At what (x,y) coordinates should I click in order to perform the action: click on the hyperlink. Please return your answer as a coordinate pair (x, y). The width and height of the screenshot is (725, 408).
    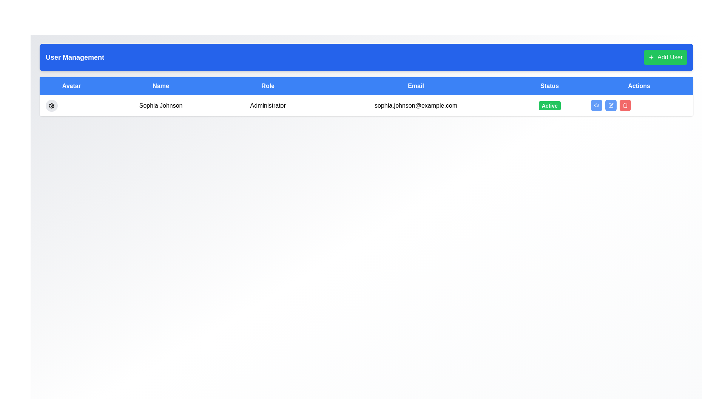
    Looking at the image, I should click on (415, 105).